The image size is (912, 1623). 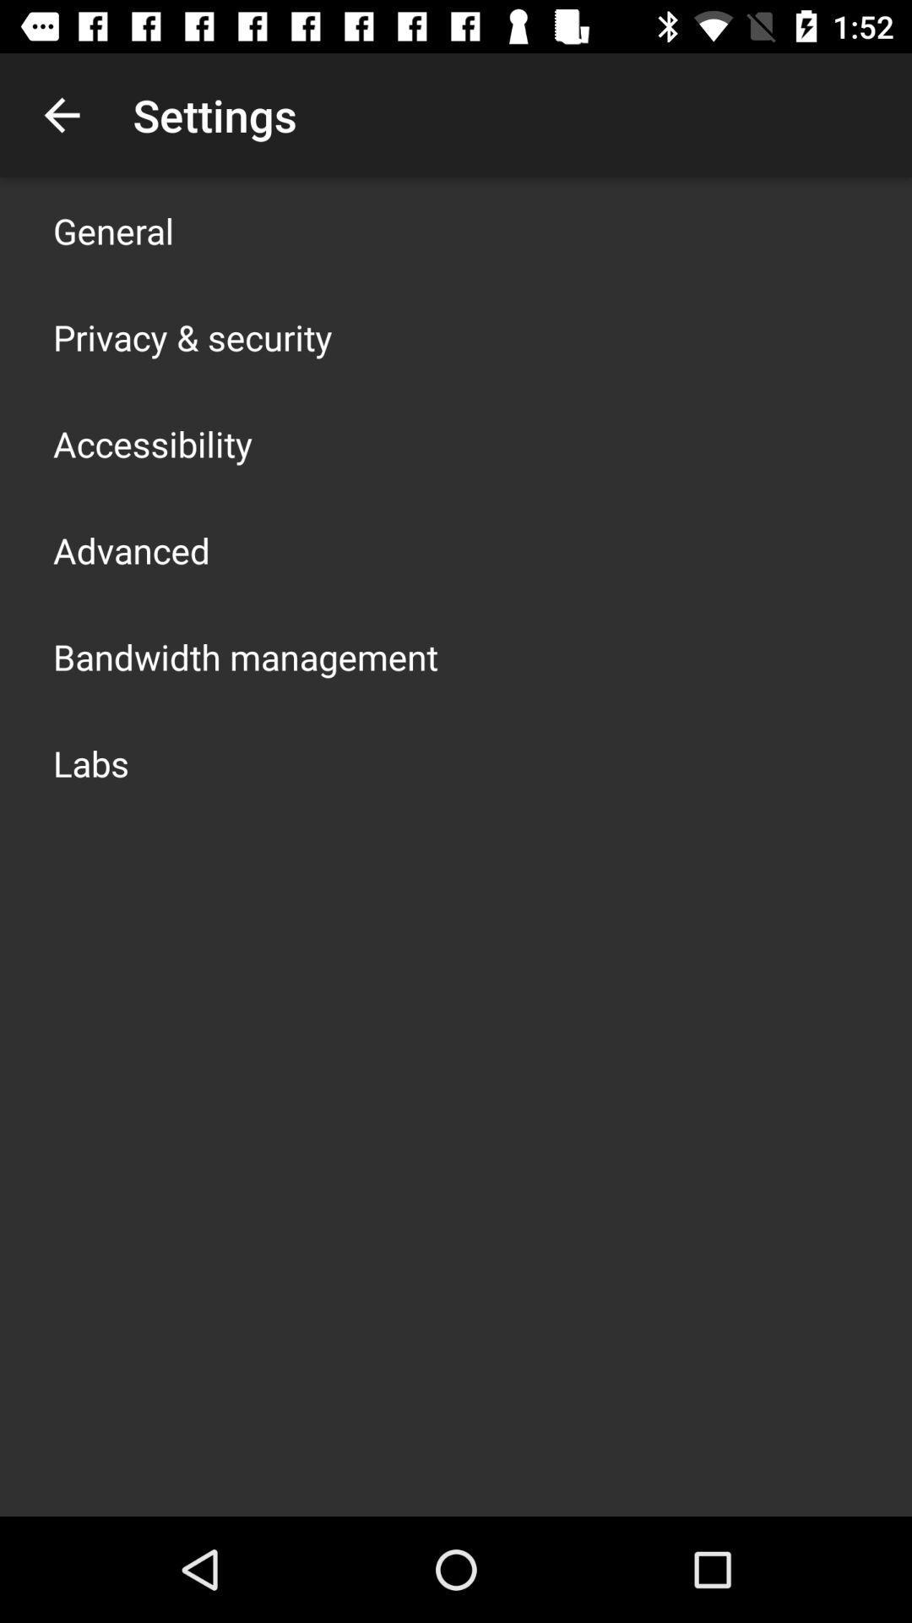 I want to click on the item above general icon, so click(x=61, y=114).